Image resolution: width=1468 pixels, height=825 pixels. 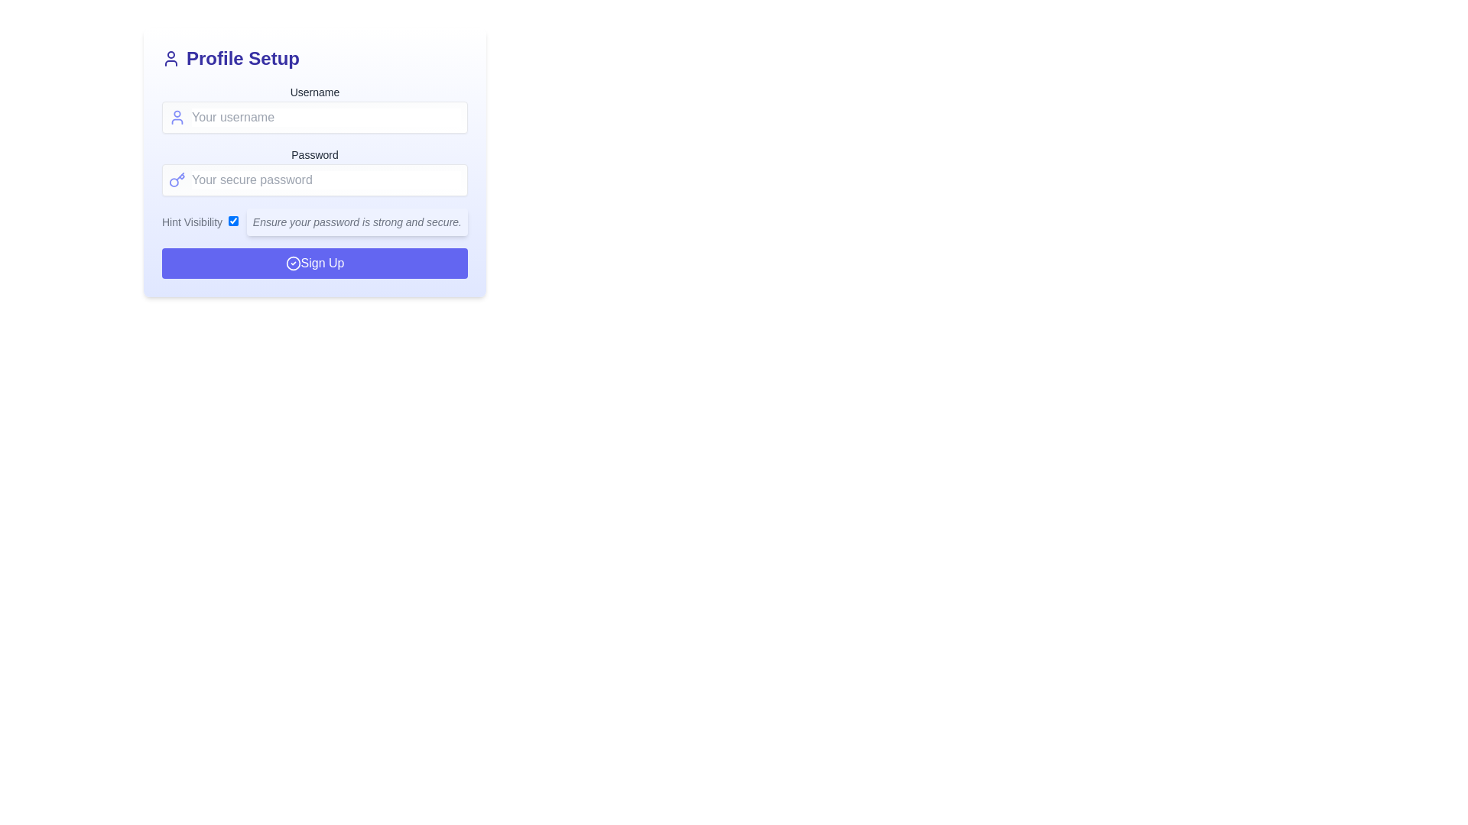 I want to click on the italicized text element reading 'Ensure your password is strong and secure.' which is located in the hint section under the 'Password' field, so click(x=356, y=222).